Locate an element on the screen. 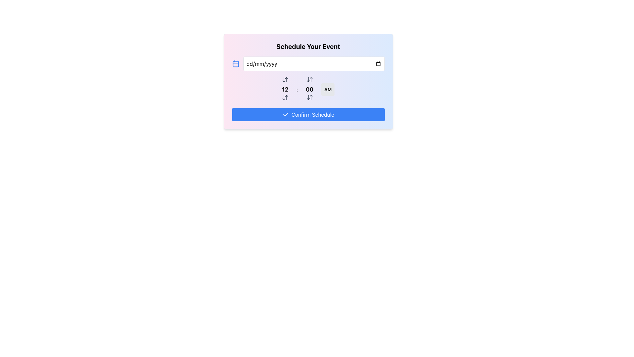  the 'Confirm Schedule' button by clicking on its center point, which serves as the label indicating its purpose to confirm the scheduling input is located at coordinates (312, 114).